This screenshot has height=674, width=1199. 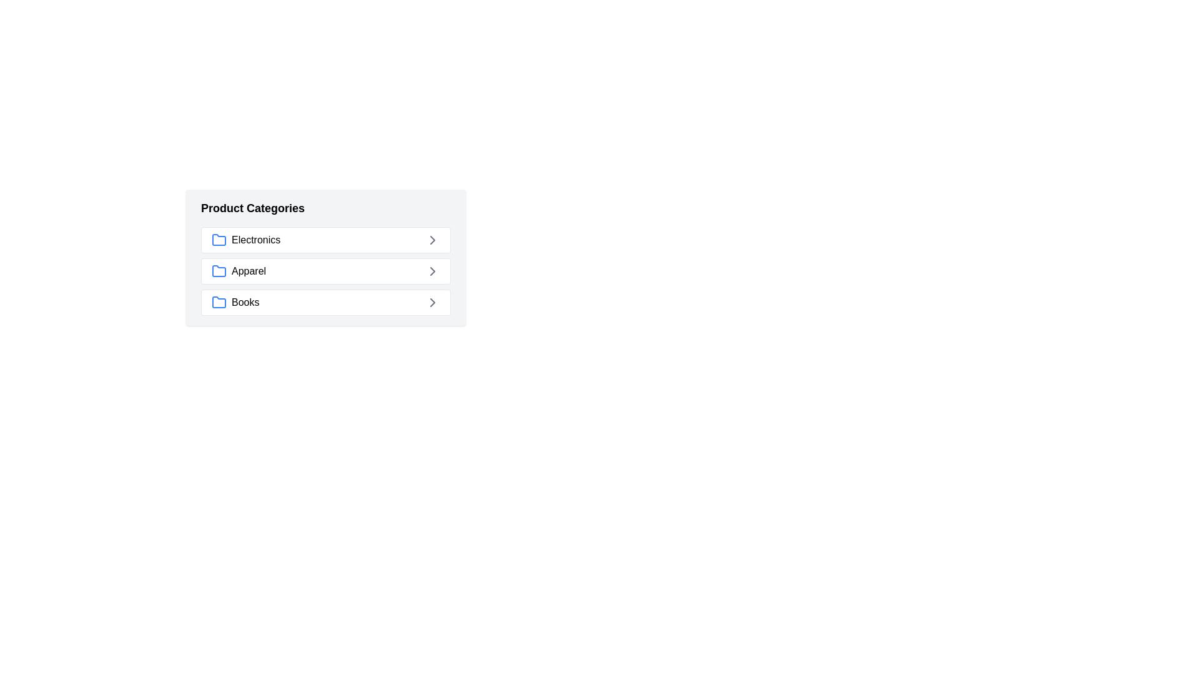 I want to click on the blue folder icon with rounded edges that is positioned next to the 'Books' text in the third position of the 'Product Categories' list, so click(x=219, y=303).